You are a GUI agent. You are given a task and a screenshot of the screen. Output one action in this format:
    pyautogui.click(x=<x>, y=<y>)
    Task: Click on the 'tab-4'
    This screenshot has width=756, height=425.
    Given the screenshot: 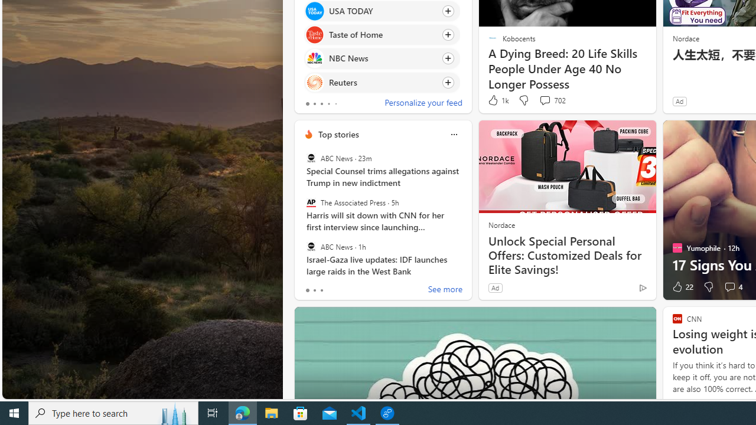 What is the action you would take?
    pyautogui.click(x=335, y=103)
    